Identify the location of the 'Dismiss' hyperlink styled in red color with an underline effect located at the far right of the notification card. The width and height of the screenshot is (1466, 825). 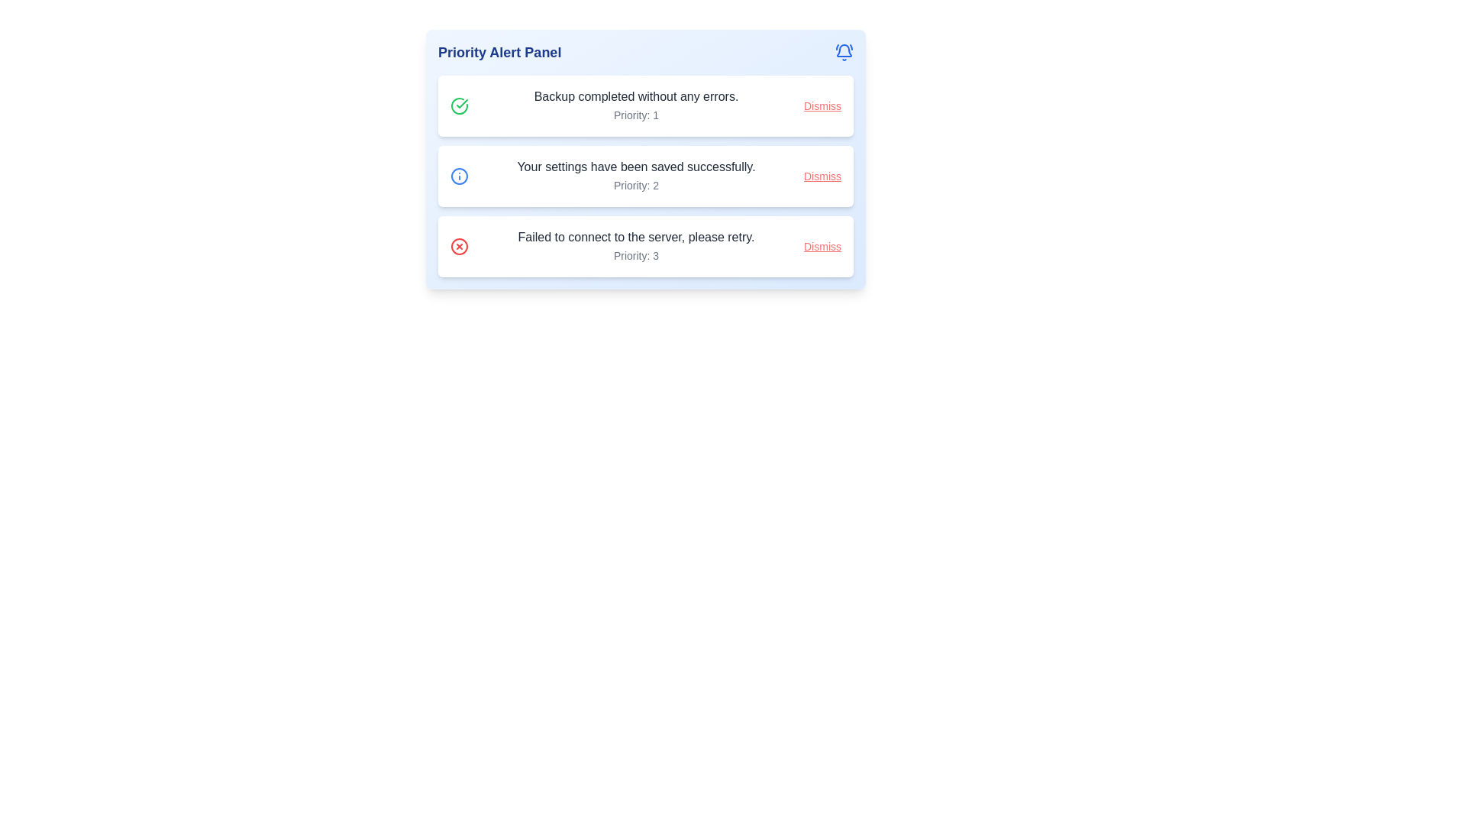
(822, 246).